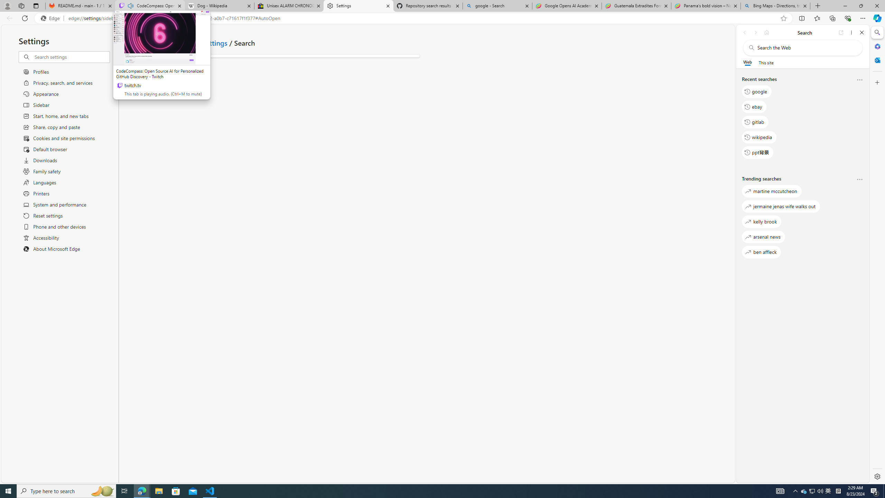  I want to click on 'wikipedia', so click(759, 137).